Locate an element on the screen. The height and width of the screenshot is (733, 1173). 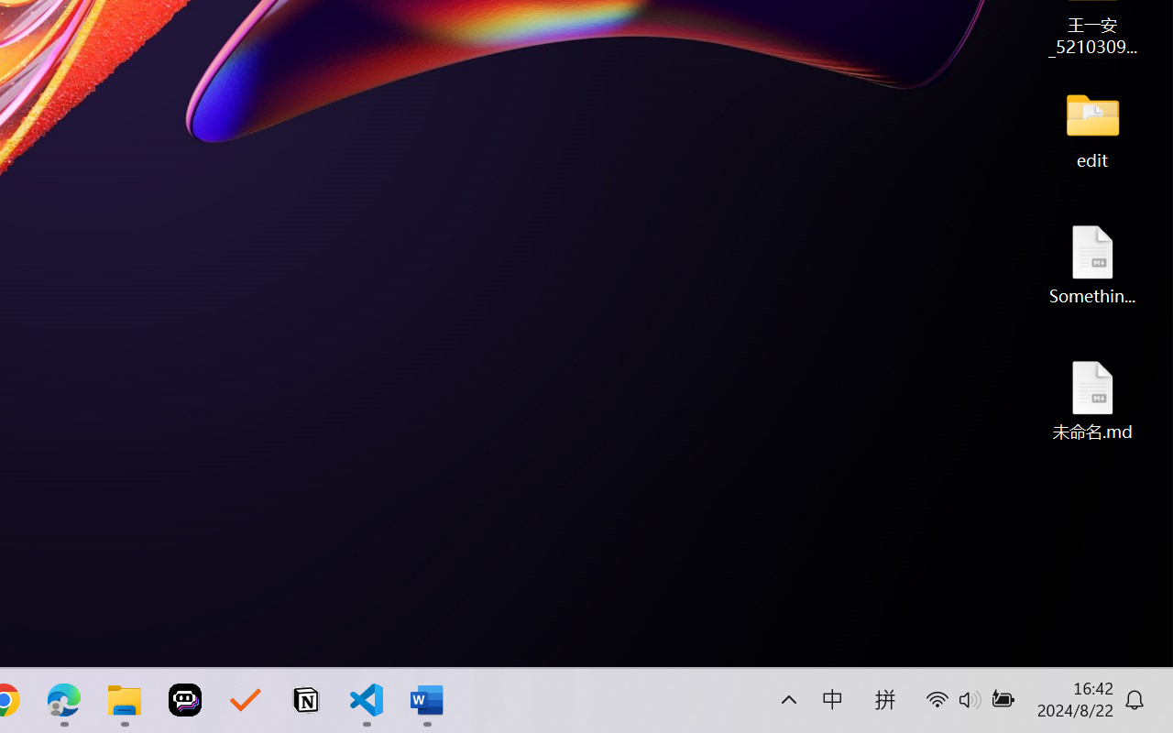
'edit' is located at coordinates (1092, 128).